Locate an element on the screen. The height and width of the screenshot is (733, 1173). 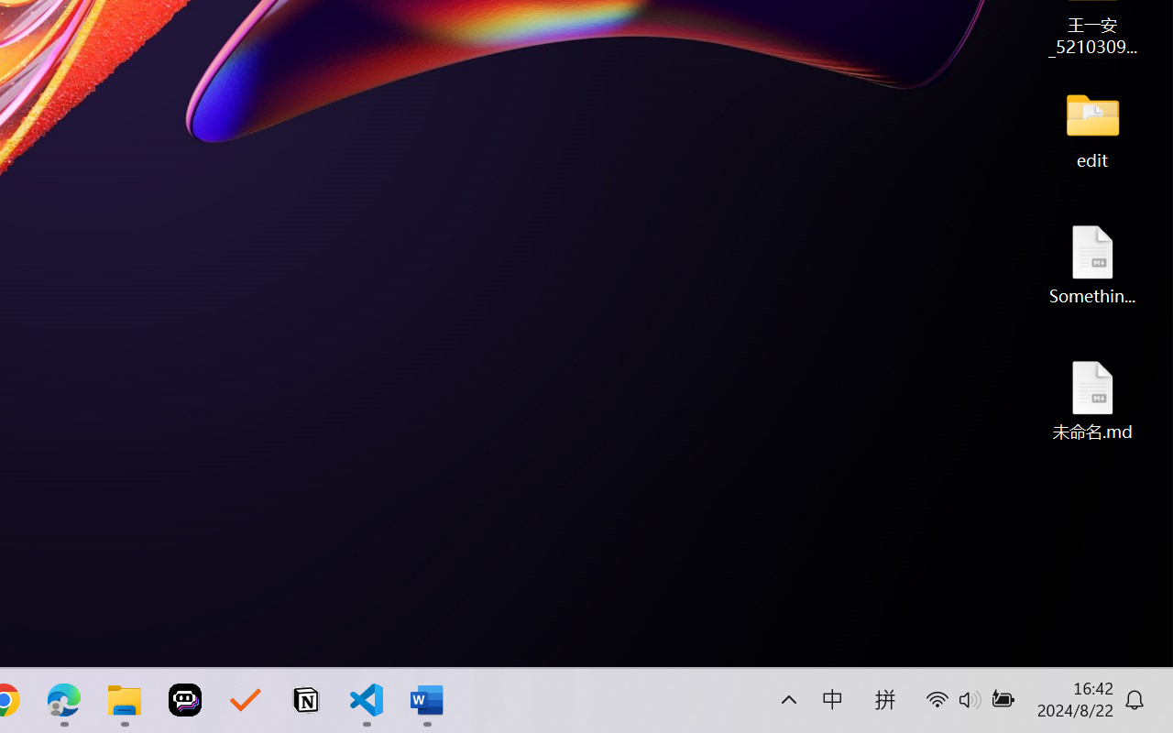
'edit' is located at coordinates (1092, 128).